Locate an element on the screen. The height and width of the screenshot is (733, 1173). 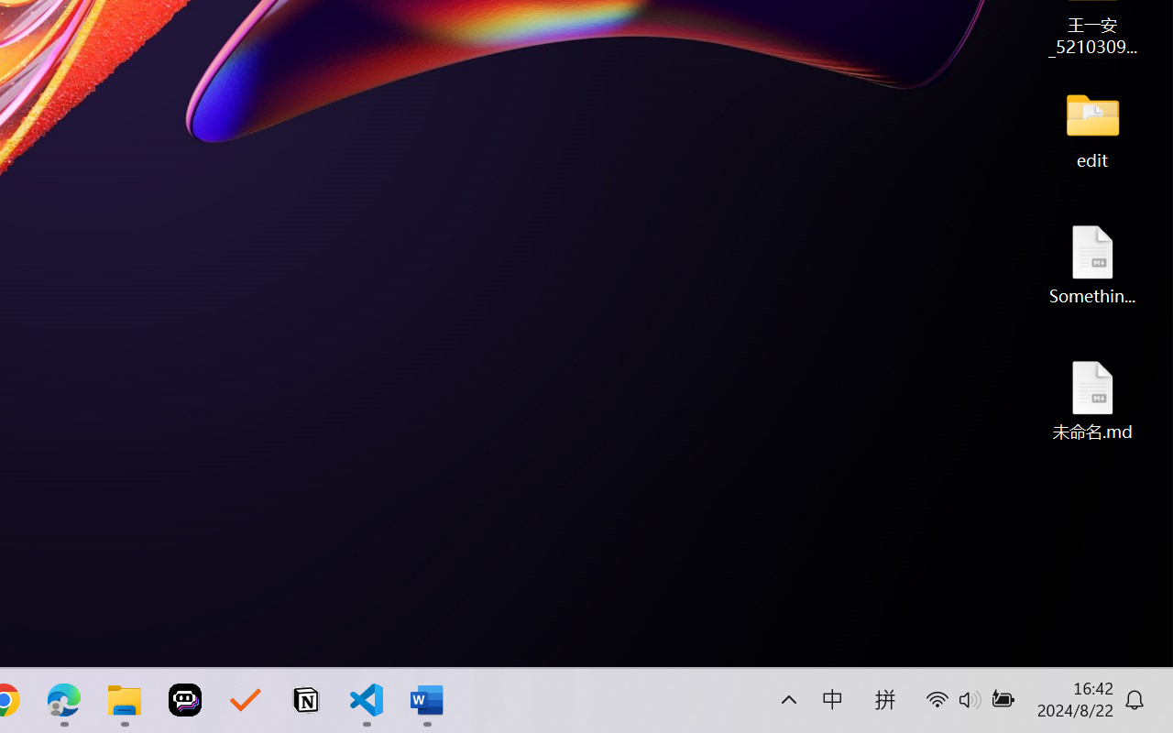
'edit' is located at coordinates (1092, 128).